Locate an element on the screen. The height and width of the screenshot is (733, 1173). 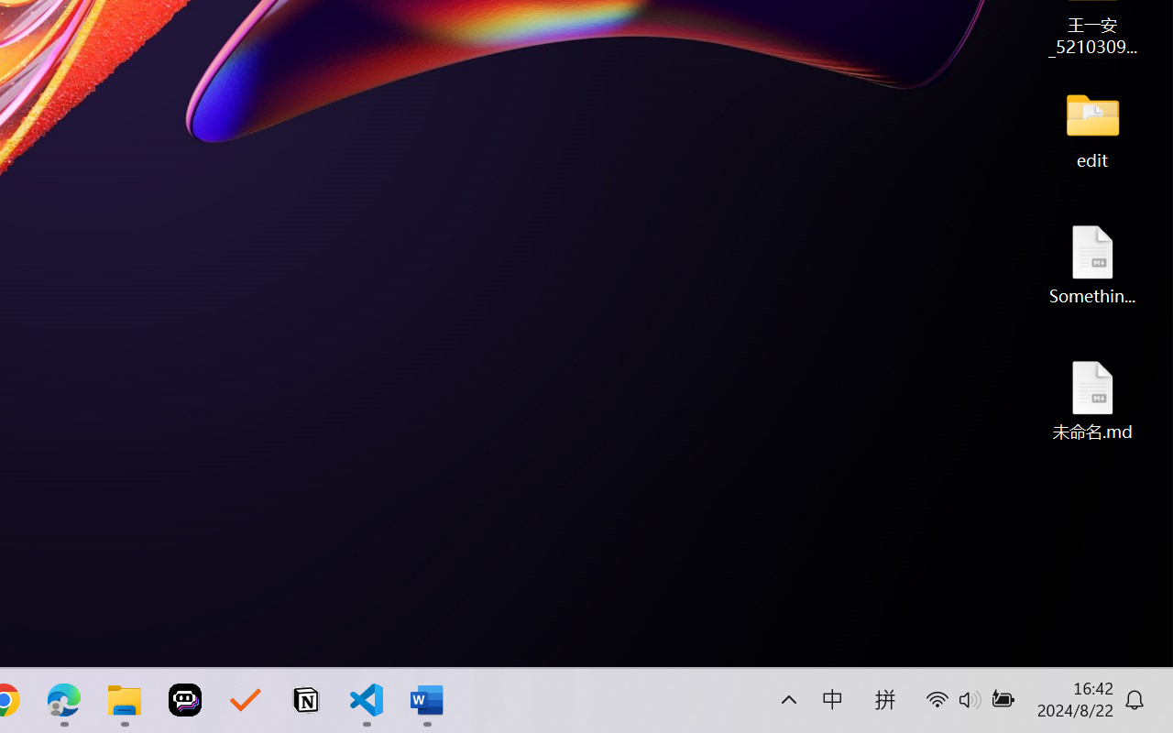
'edit' is located at coordinates (1092, 128).